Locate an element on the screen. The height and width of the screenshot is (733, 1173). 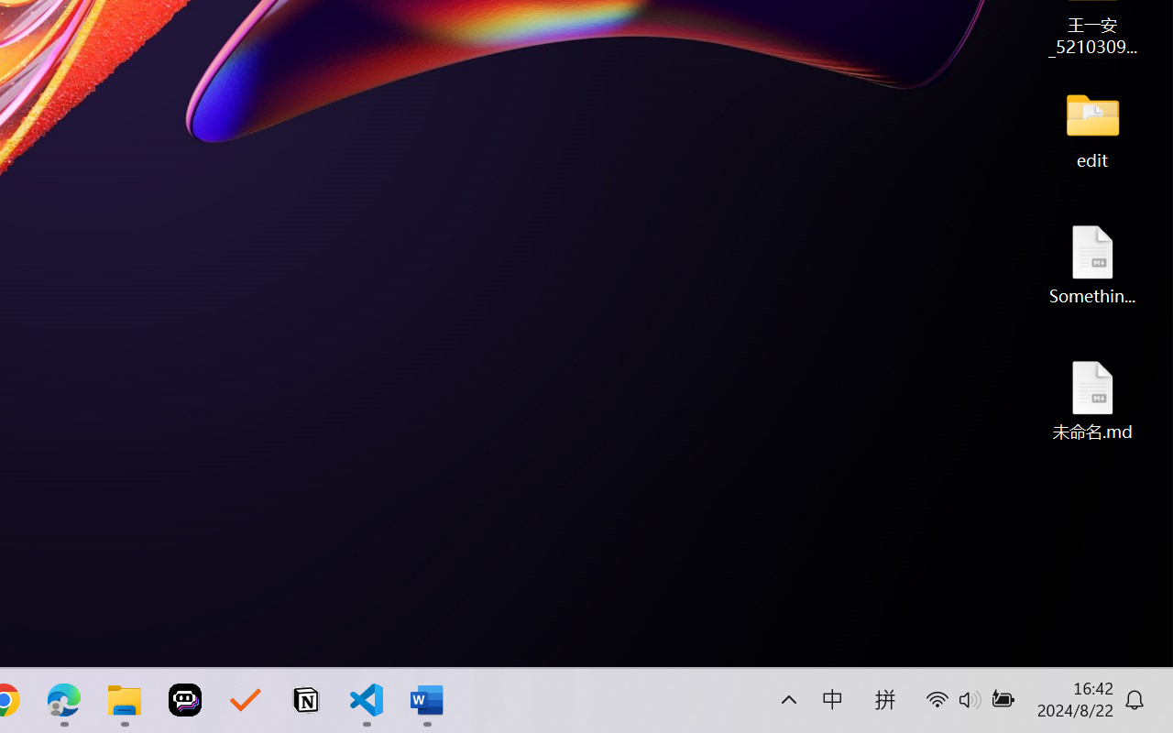
'edit' is located at coordinates (1092, 128).